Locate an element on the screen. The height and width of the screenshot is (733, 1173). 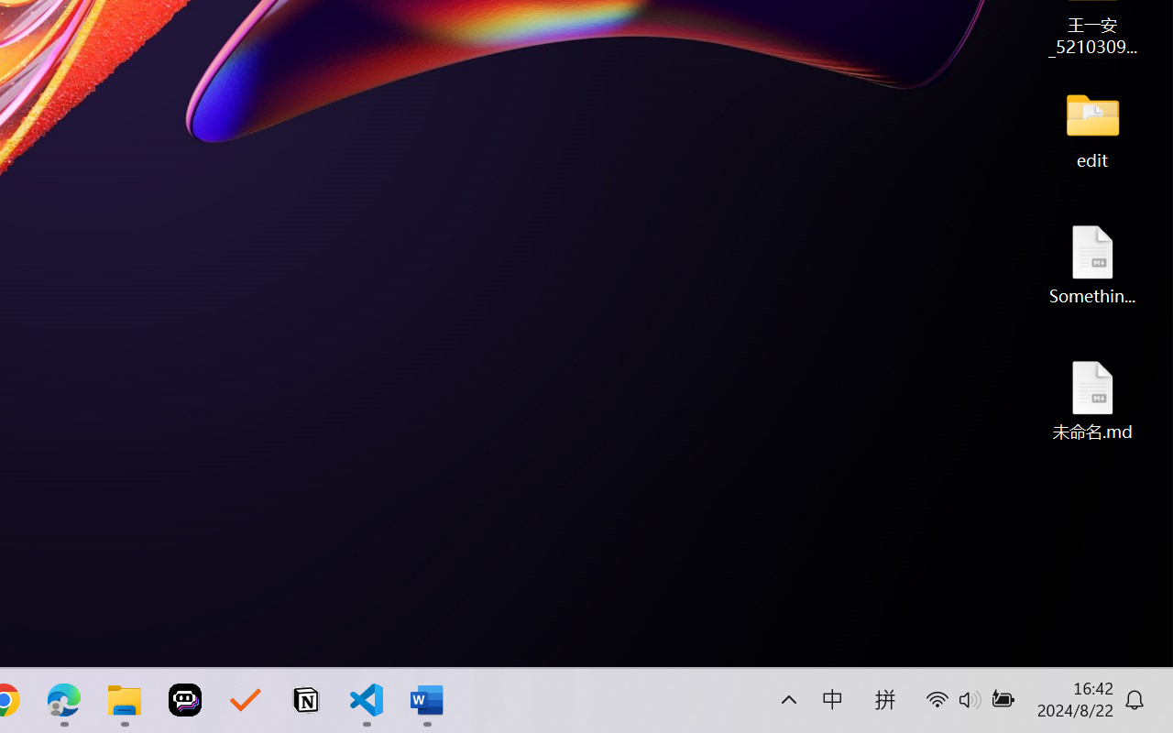
'edit' is located at coordinates (1092, 128).